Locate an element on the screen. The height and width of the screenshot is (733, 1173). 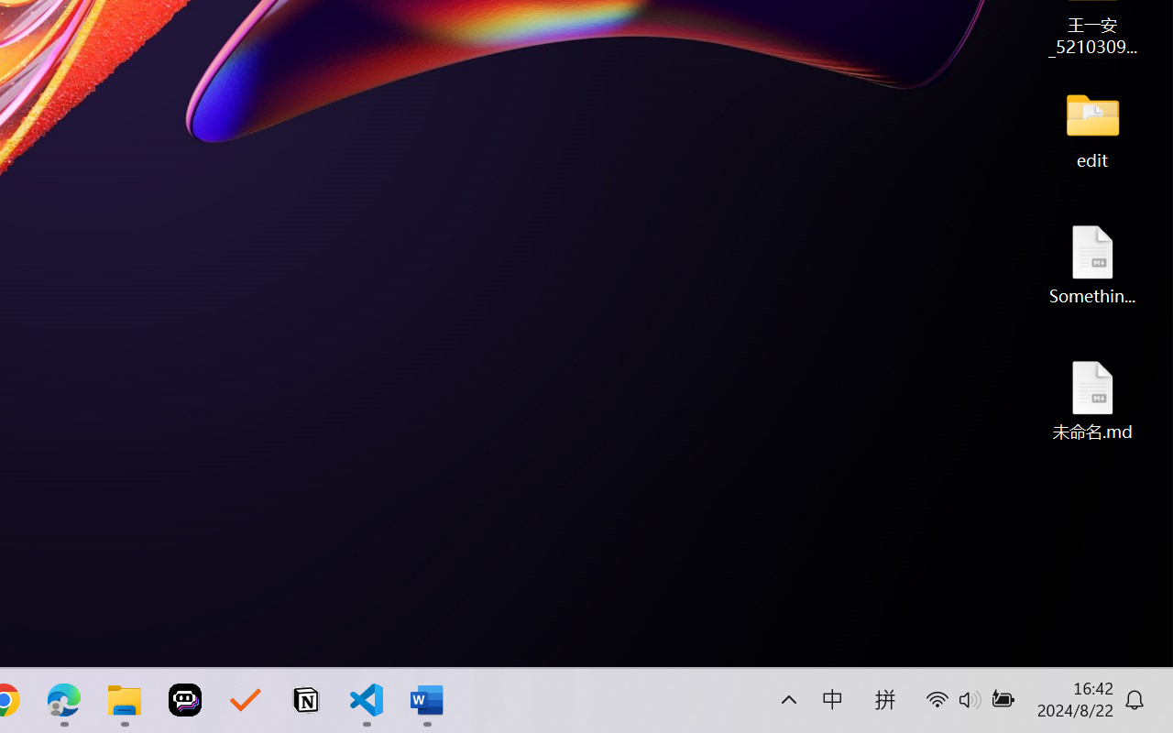
'edit' is located at coordinates (1092, 128).